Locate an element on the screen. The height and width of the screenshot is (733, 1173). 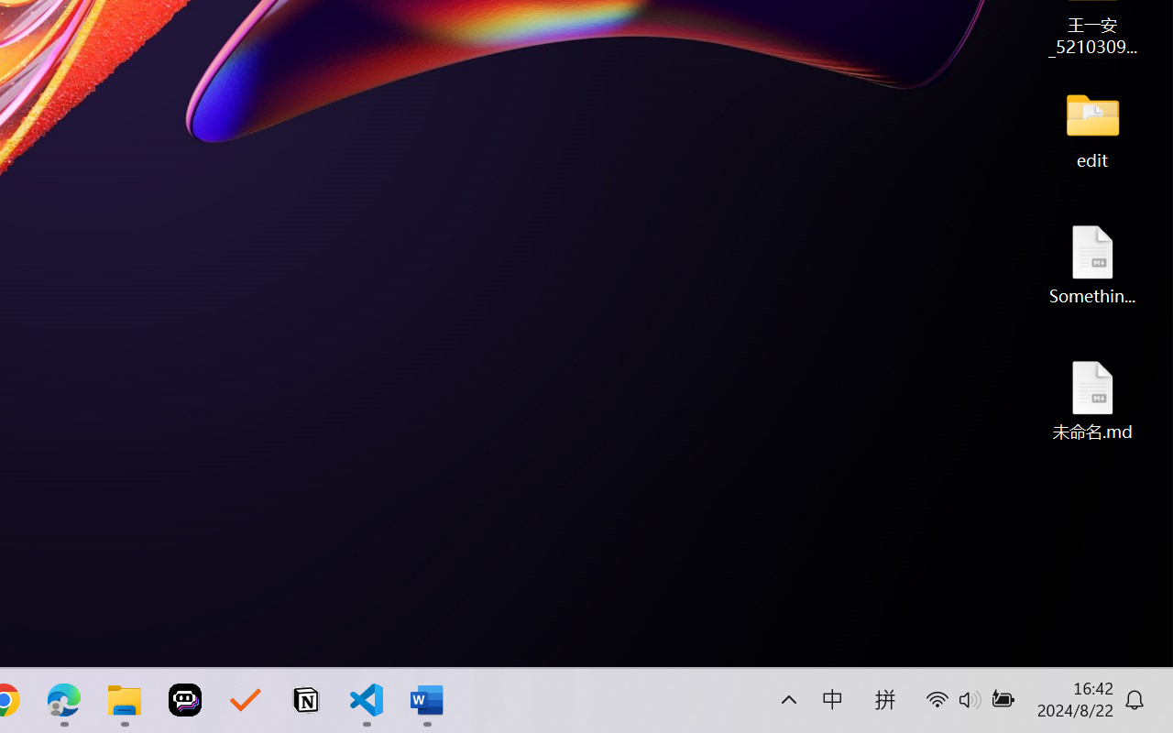
'edit' is located at coordinates (1092, 128).